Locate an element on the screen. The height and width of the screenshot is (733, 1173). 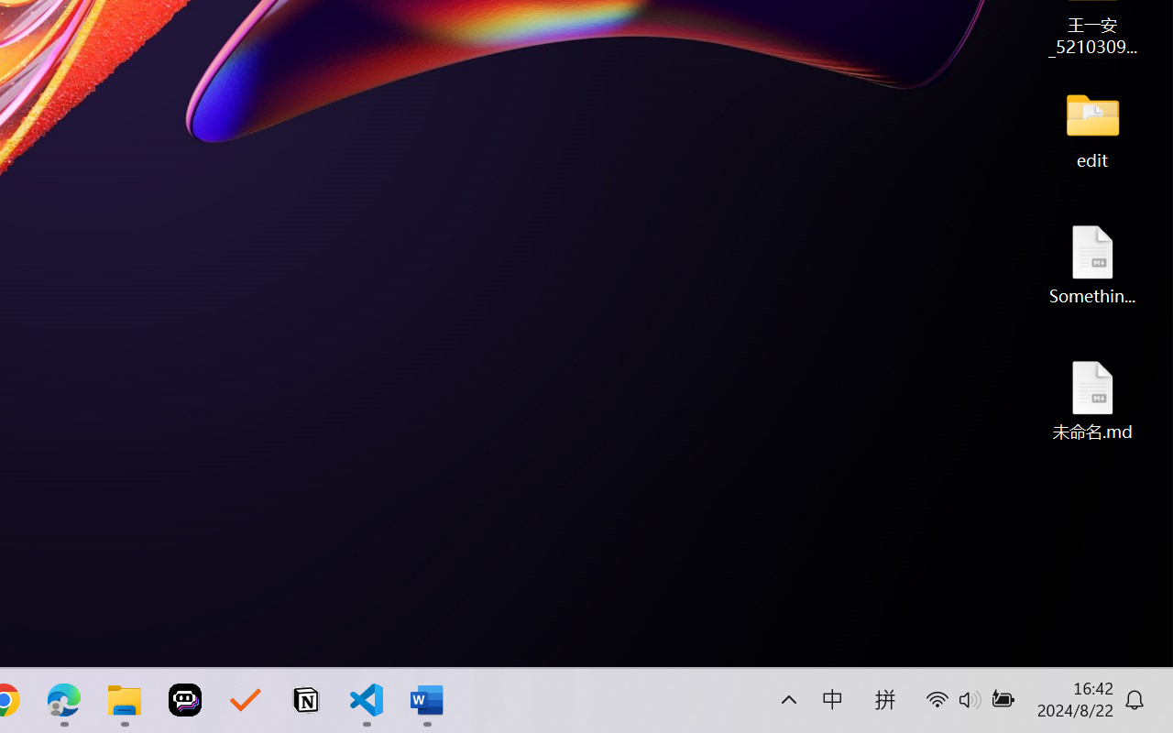
'edit' is located at coordinates (1092, 128).